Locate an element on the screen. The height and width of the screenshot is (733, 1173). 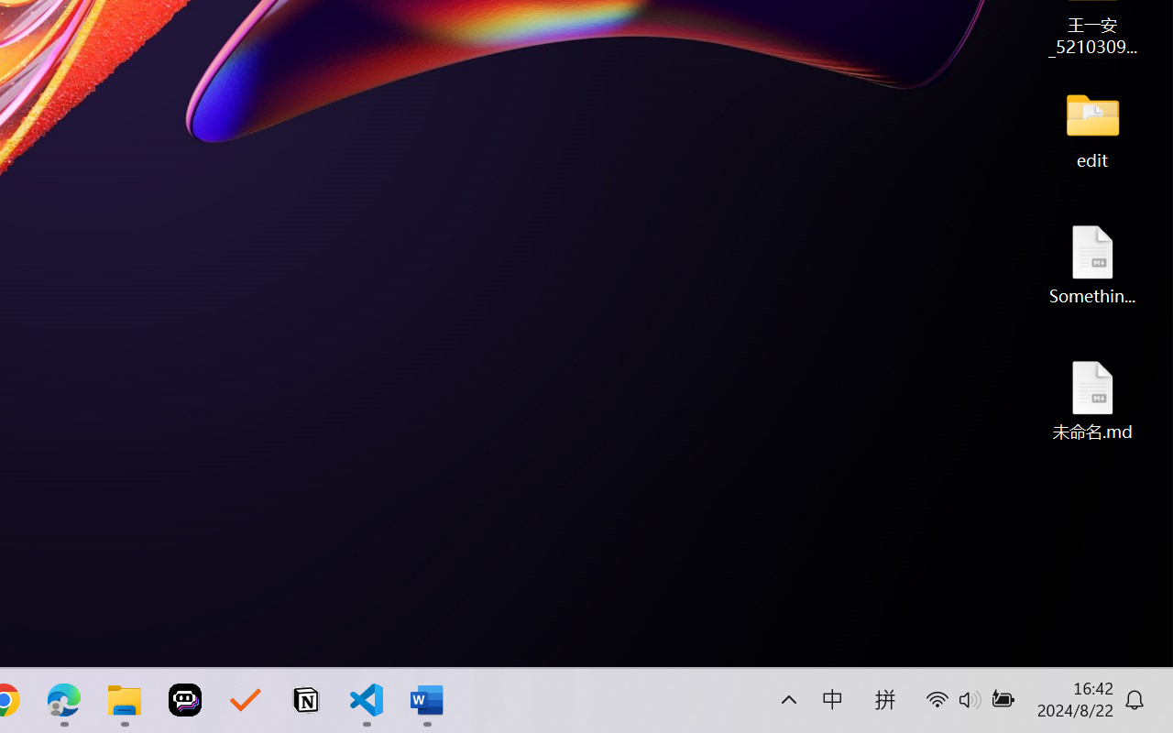
'edit' is located at coordinates (1092, 128).